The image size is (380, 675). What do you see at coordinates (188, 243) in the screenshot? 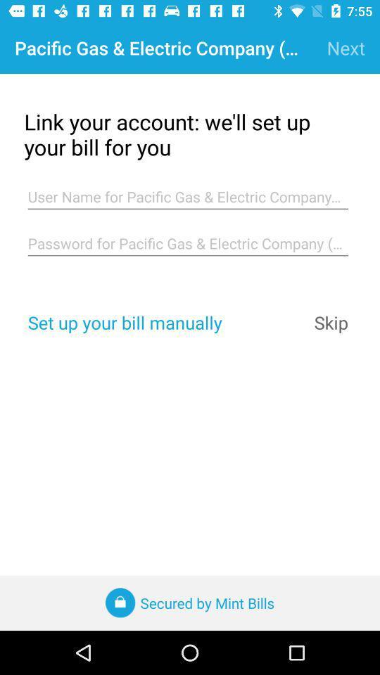
I see `the item at the center` at bounding box center [188, 243].